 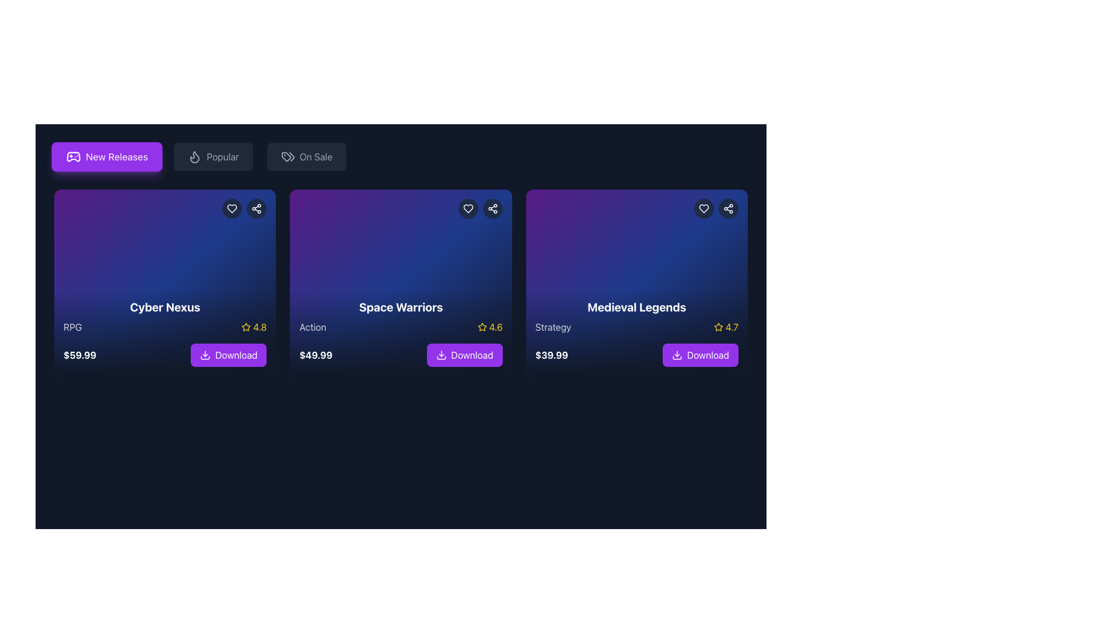 What do you see at coordinates (259, 327) in the screenshot?
I see `text '4.8' displayed in yellow font color, which is the rating indicator located in the bottom right corner of the first card, next to a star icon` at bounding box center [259, 327].